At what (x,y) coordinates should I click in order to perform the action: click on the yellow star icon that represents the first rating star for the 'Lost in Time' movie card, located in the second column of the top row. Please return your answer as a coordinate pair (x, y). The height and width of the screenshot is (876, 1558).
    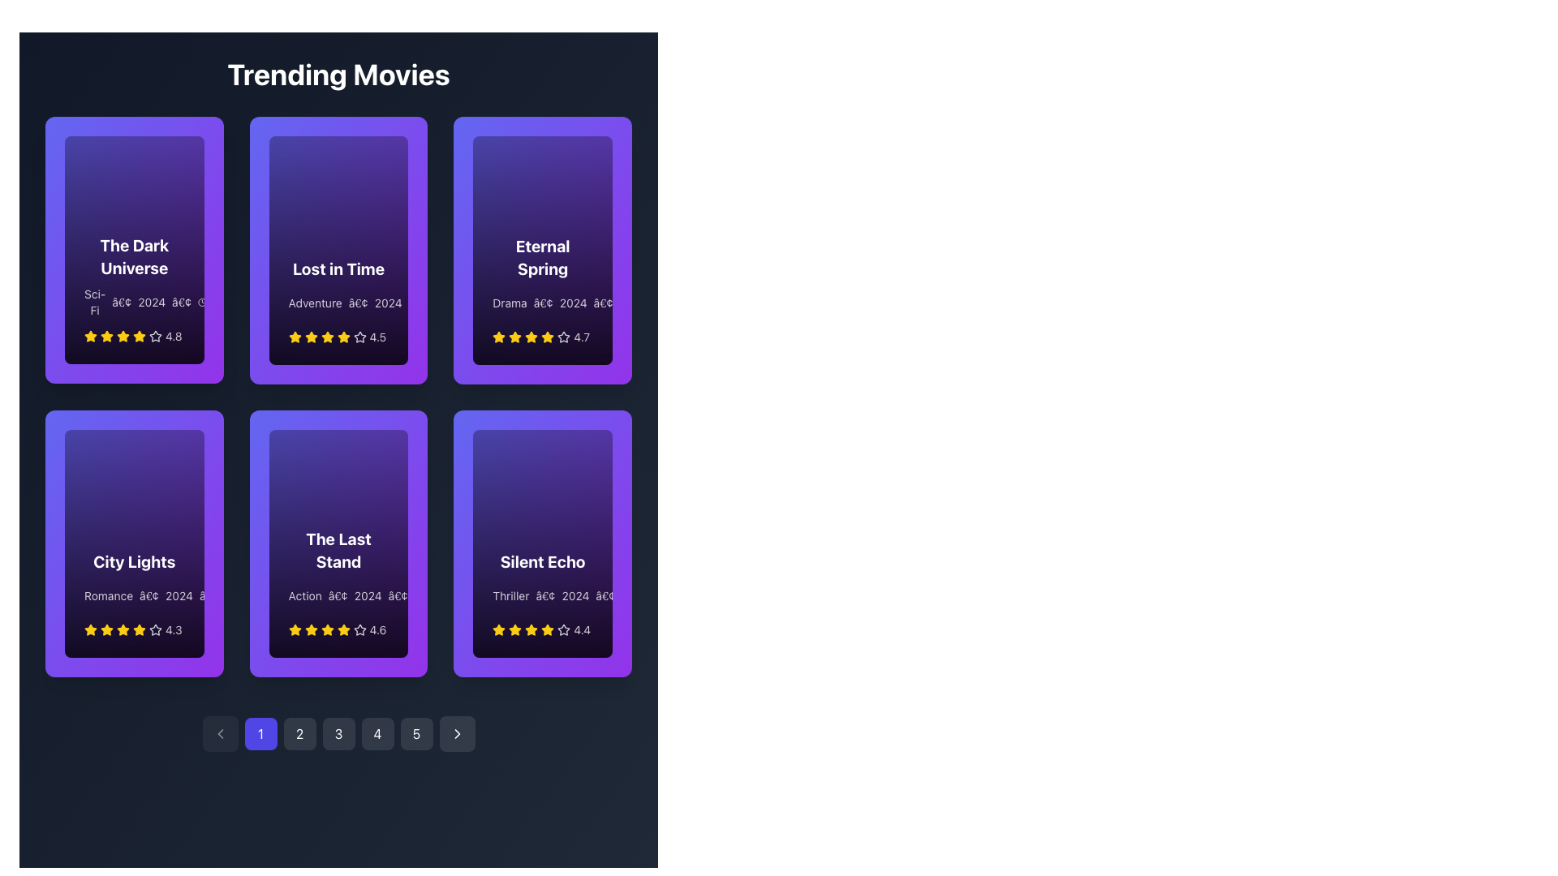
    Looking at the image, I should click on (295, 336).